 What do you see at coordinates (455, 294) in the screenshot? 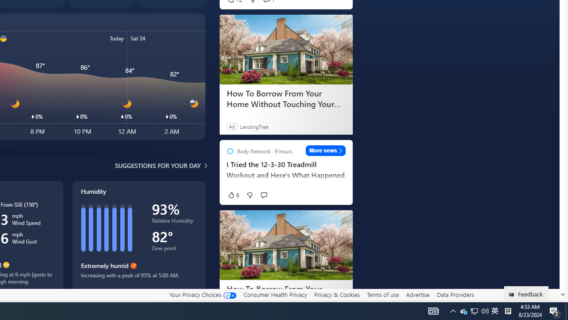
I see `'Data Providers'` at bounding box center [455, 294].